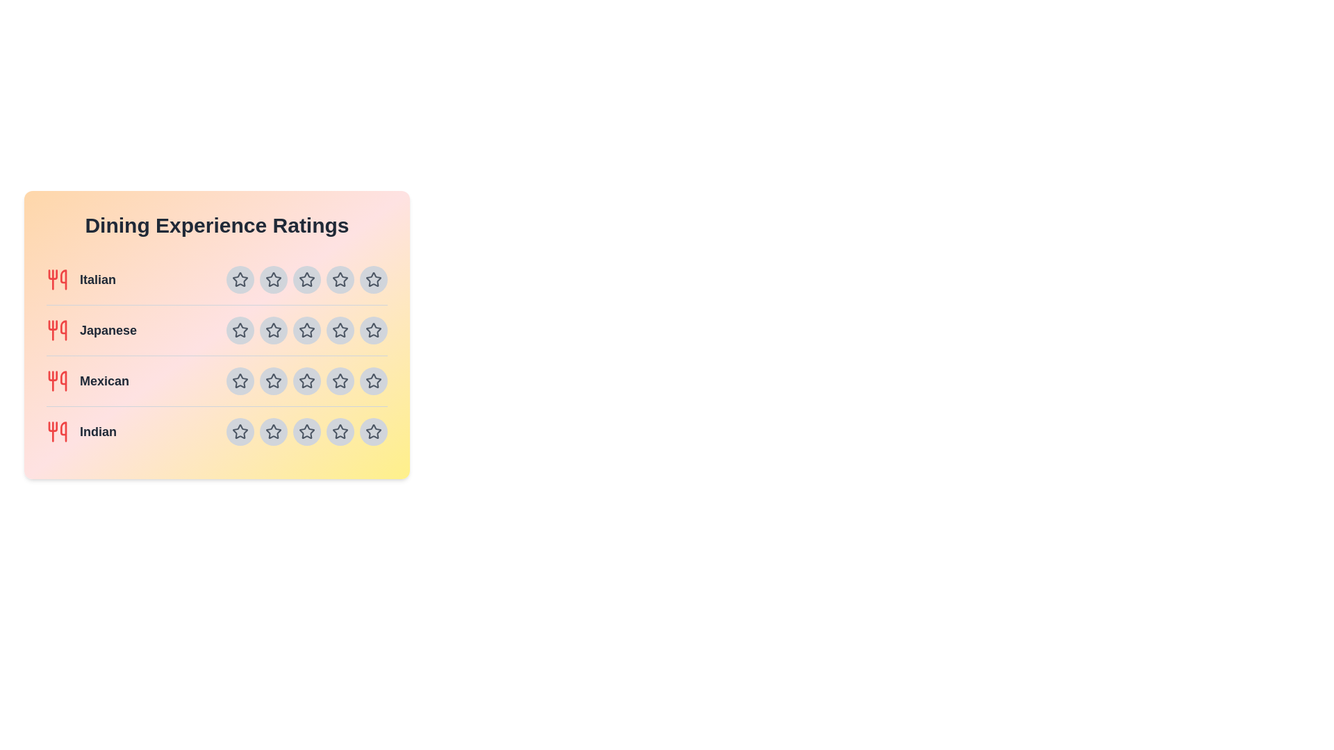  Describe the element at coordinates (56, 279) in the screenshot. I see `the utensils icon for the cuisine Italian` at that location.